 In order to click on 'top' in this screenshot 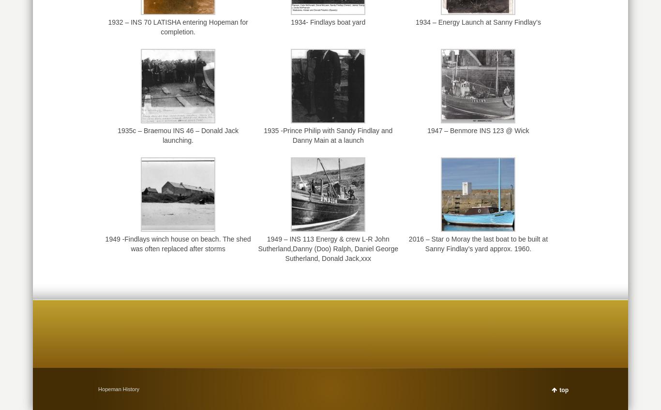, I will do `click(564, 390)`.